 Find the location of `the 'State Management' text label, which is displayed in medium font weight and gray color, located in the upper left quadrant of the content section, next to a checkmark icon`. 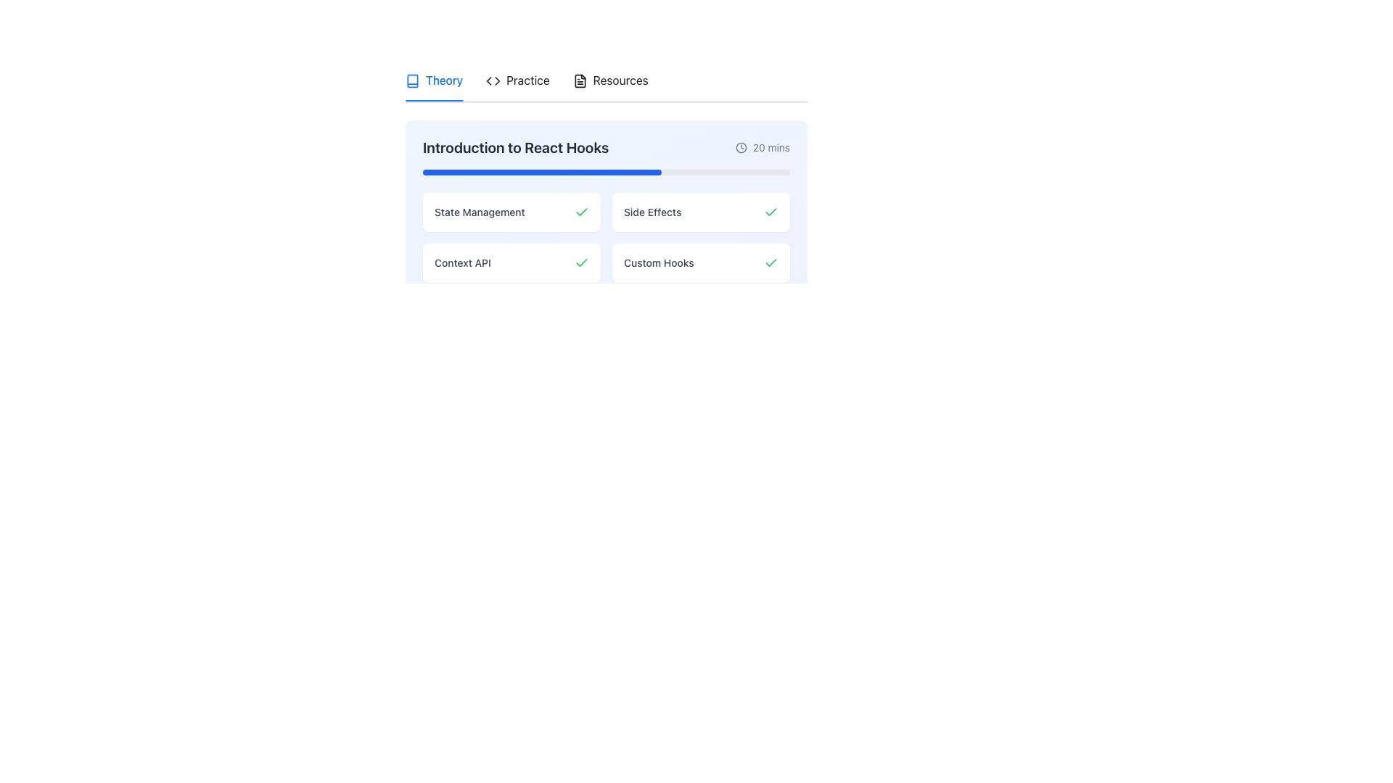

the 'State Management' text label, which is displayed in medium font weight and gray color, located in the upper left quadrant of the content section, next to a checkmark icon is located at coordinates (480, 212).